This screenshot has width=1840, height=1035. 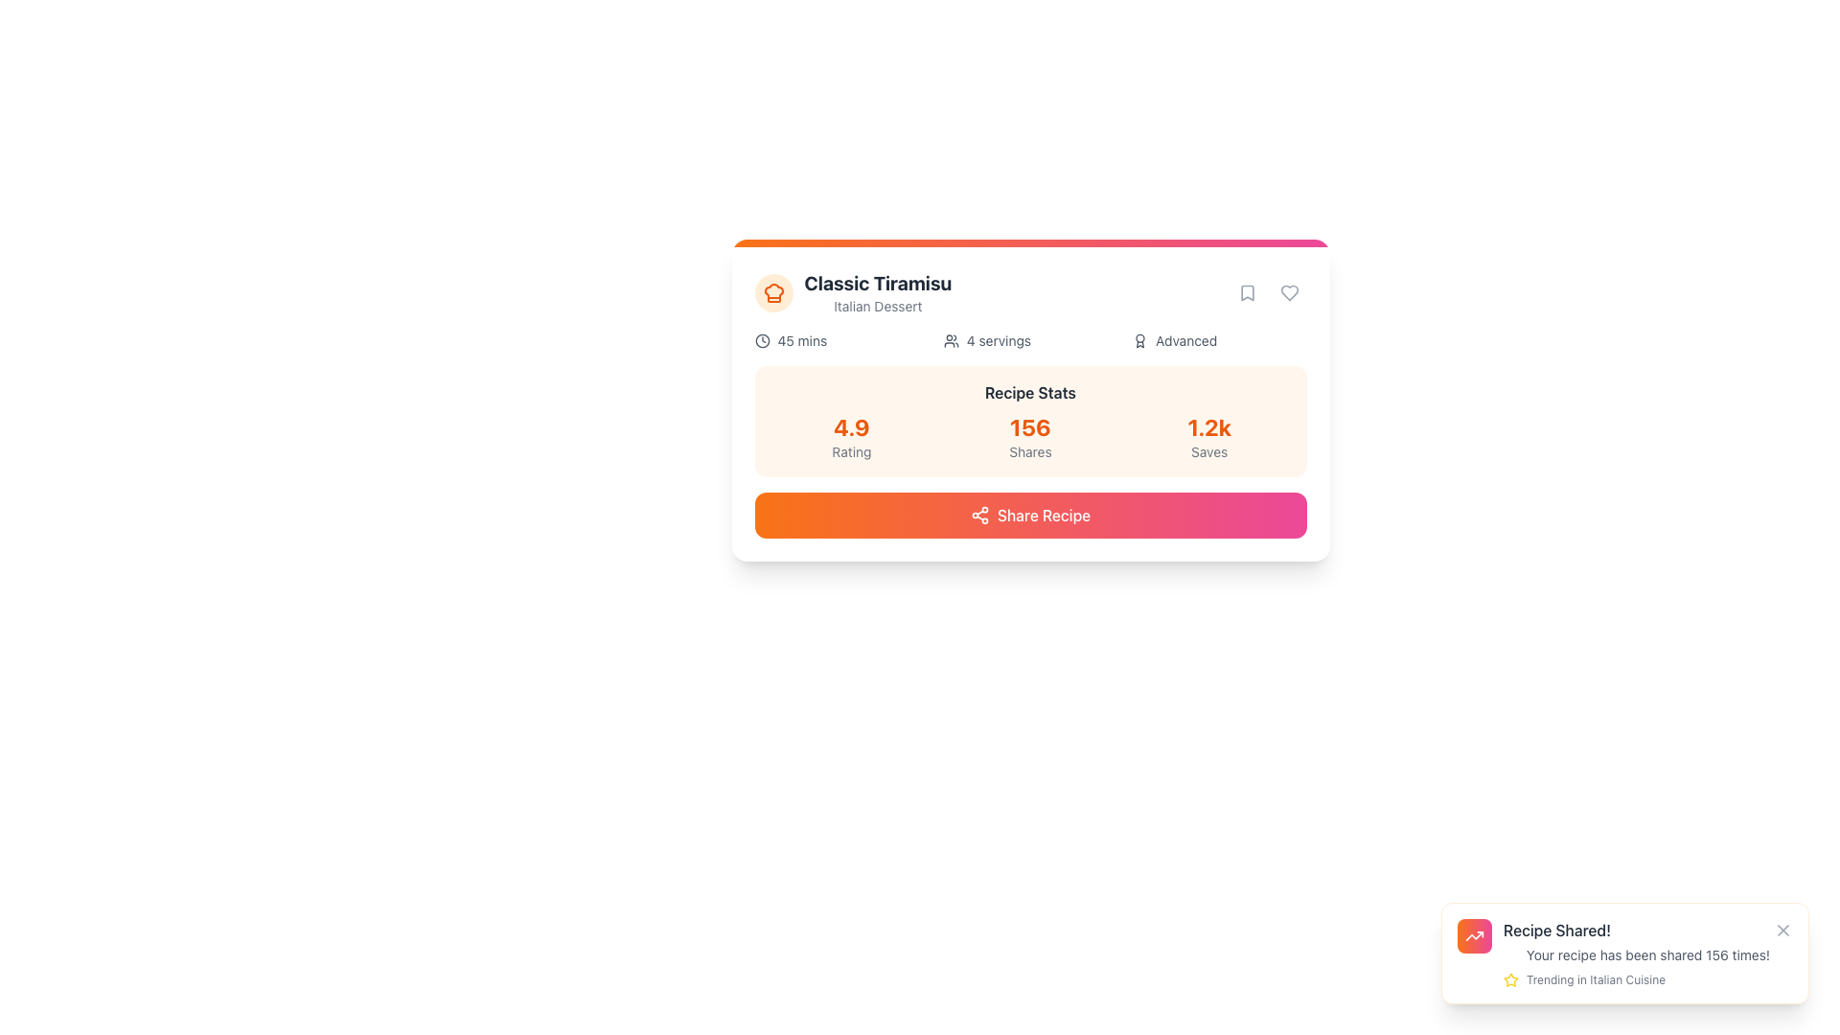 What do you see at coordinates (998, 339) in the screenshot?
I see `the Text Label that indicates the number of servings for the recipe, located to the right of a people icon and grouped with other recipe metadata at the top of the card` at bounding box center [998, 339].